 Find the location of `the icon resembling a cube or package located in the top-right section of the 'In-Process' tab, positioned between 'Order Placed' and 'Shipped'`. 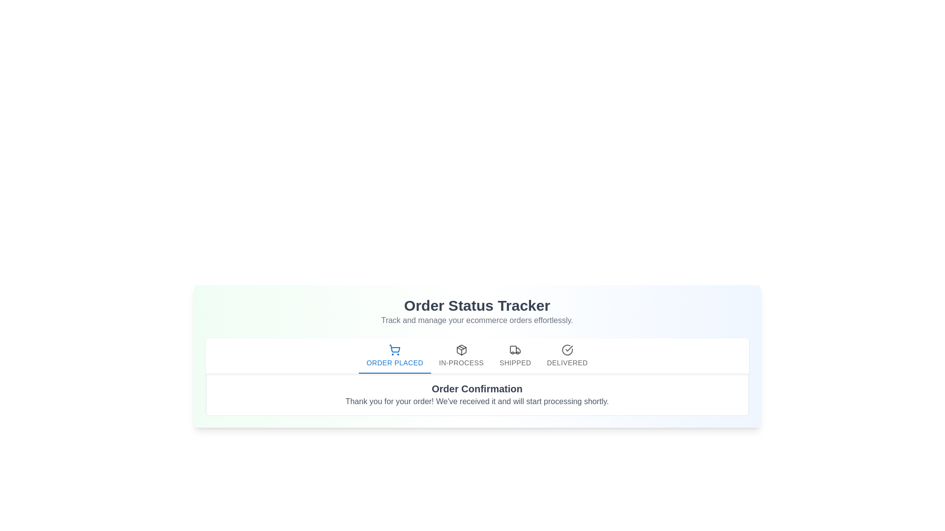

the icon resembling a cube or package located in the top-right section of the 'In-Process' tab, positioned between 'Order Placed' and 'Shipped' is located at coordinates (461, 350).